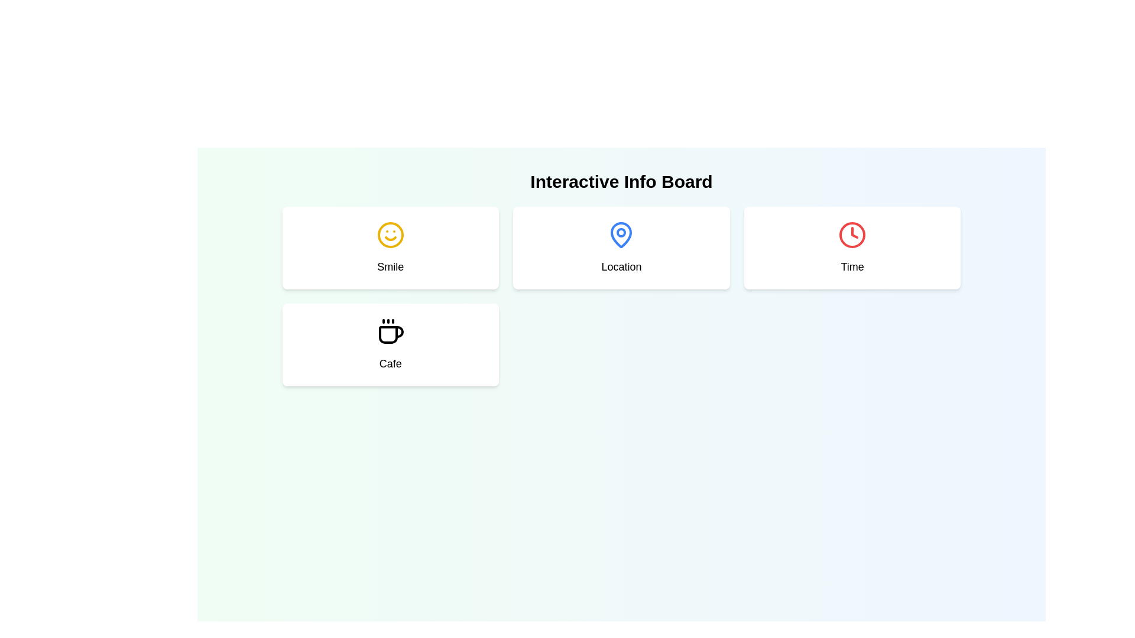 The width and height of the screenshot is (1135, 638). Describe the element at coordinates (621, 232) in the screenshot. I see `the small circular shape inside the blue pin outline of the location marker, which is located in the second card of the grid under the 'Interactive Info Board' heading` at that location.